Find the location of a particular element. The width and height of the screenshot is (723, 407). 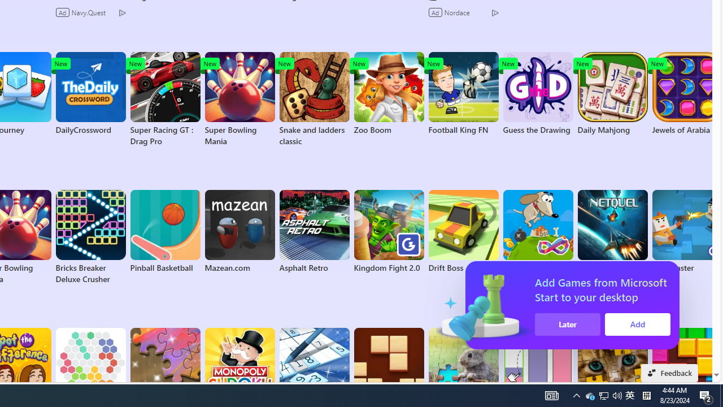

'Super Bowling Mania' is located at coordinates (239, 99).